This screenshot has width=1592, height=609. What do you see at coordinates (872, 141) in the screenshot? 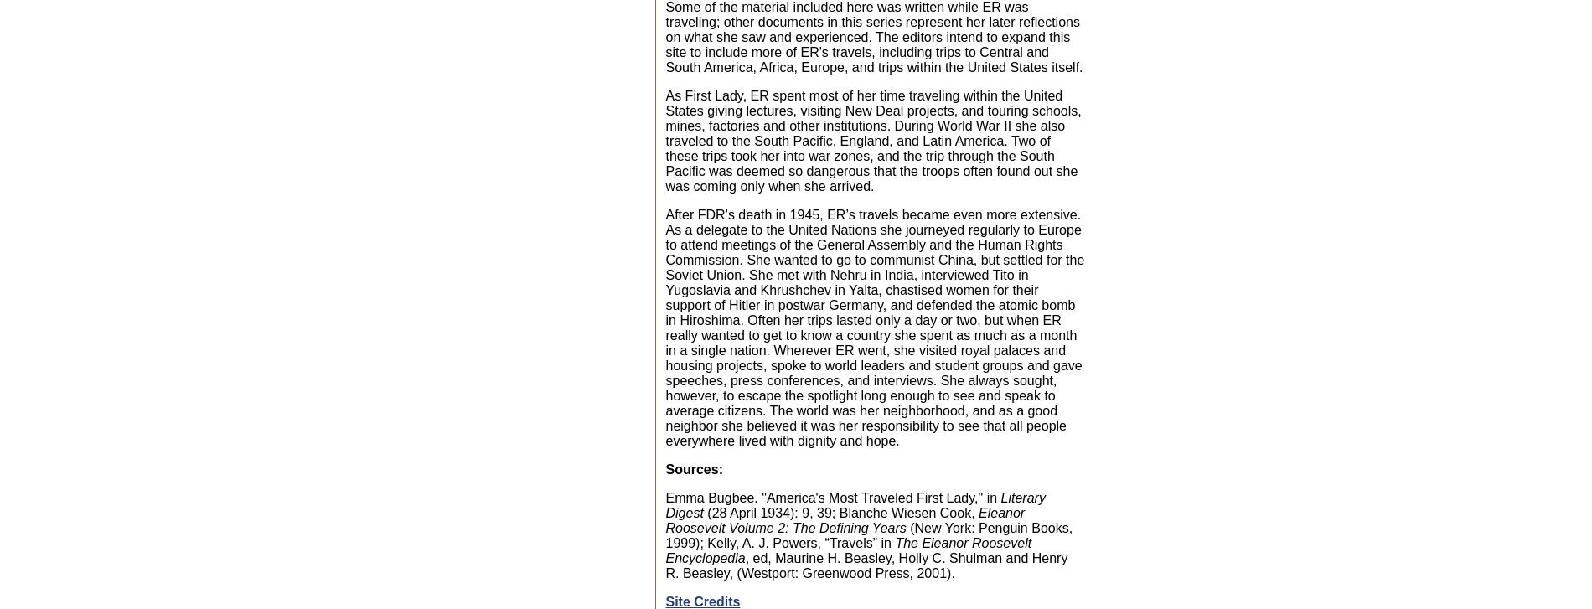
I see `'As First Lady, ER spent most of her time traveling within the United States giving lectures, visiting New Deal projects, and touring schools, mines, factories and other institutions. During World War II she also traveled to the South Pacific, England, and Latin America. Two of these trips took her into war zones, and the trip through the South Pacific was deemed so dangerous that the troops often found out she was coming only when she arrived.'` at bounding box center [872, 141].